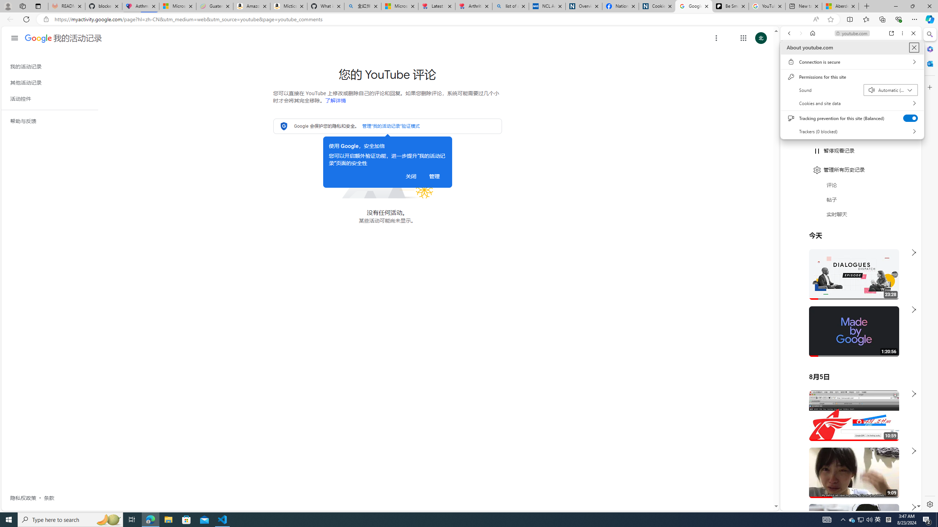  What do you see at coordinates (657, 6) in the screenshot?
I see `'Cookies'` at bounding box center [657, 6].